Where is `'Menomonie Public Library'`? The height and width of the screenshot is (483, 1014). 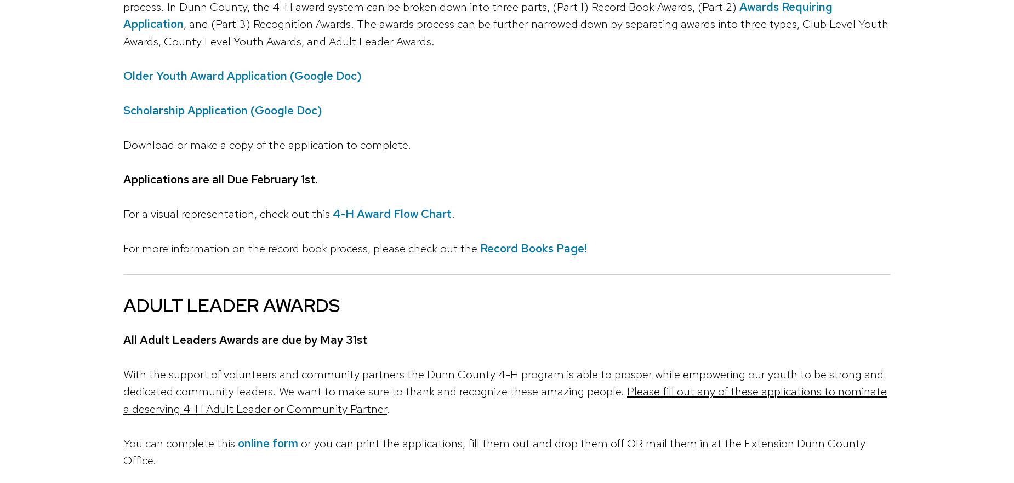 'Menomonie Public Library' is located at coordinates (367, 228).